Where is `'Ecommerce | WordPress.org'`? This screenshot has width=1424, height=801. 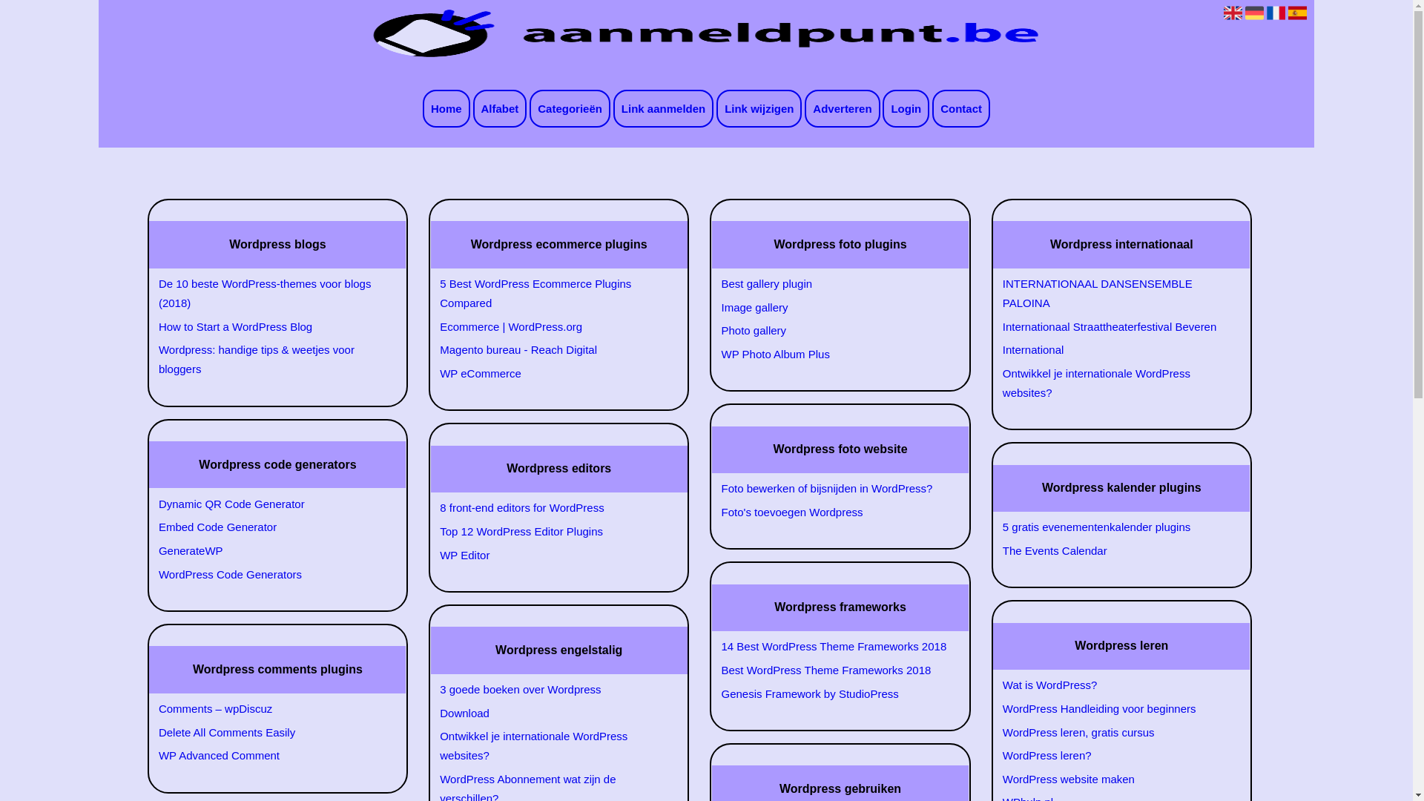 'Ecommerce | WordPress.org' is located at coordinates (550, 326).